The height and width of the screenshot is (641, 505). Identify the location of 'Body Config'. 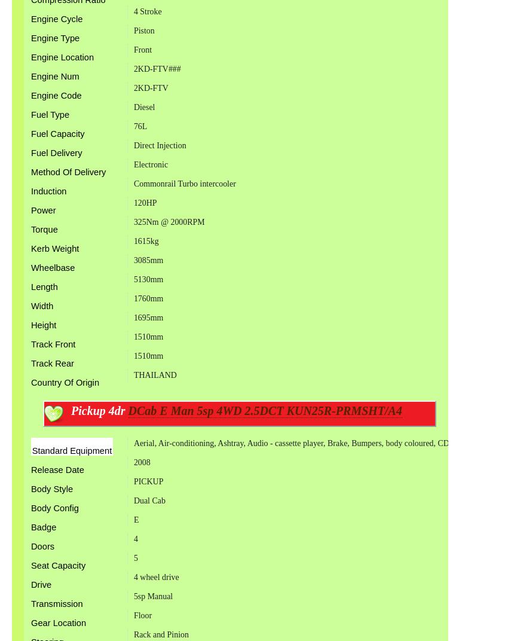
(54, 507).